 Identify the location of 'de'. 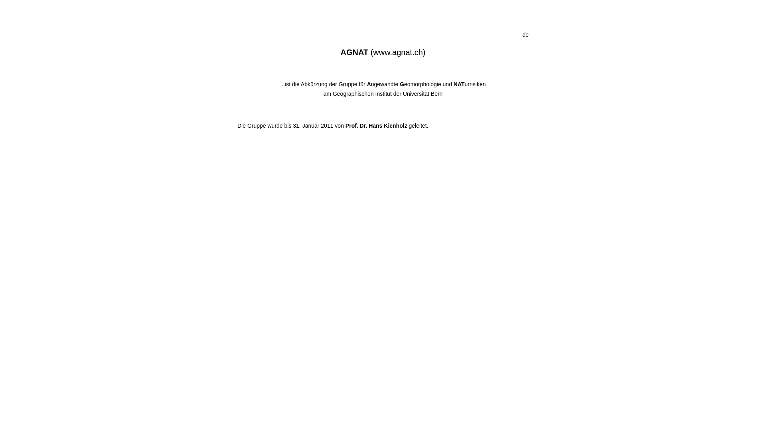
(525, 34).